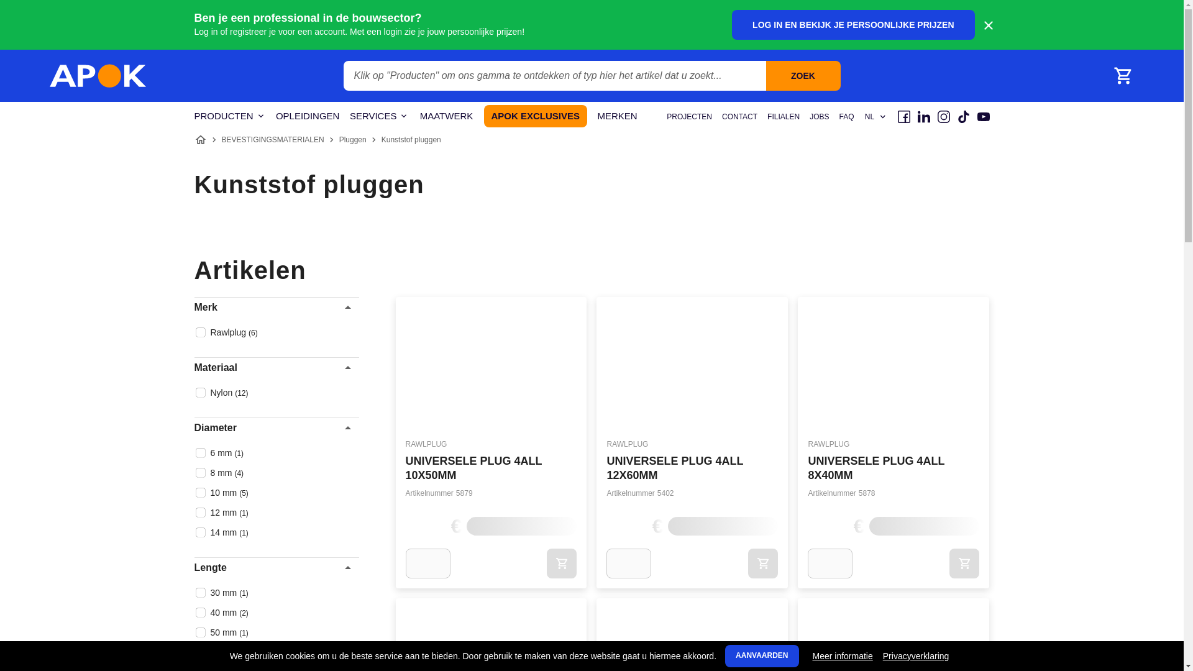 The height and width of the screenshot is (671, 1193). Describe the element at coordinates (308, 116) in the screenshot. I see `'OPLEIDINGEN'` at that location.